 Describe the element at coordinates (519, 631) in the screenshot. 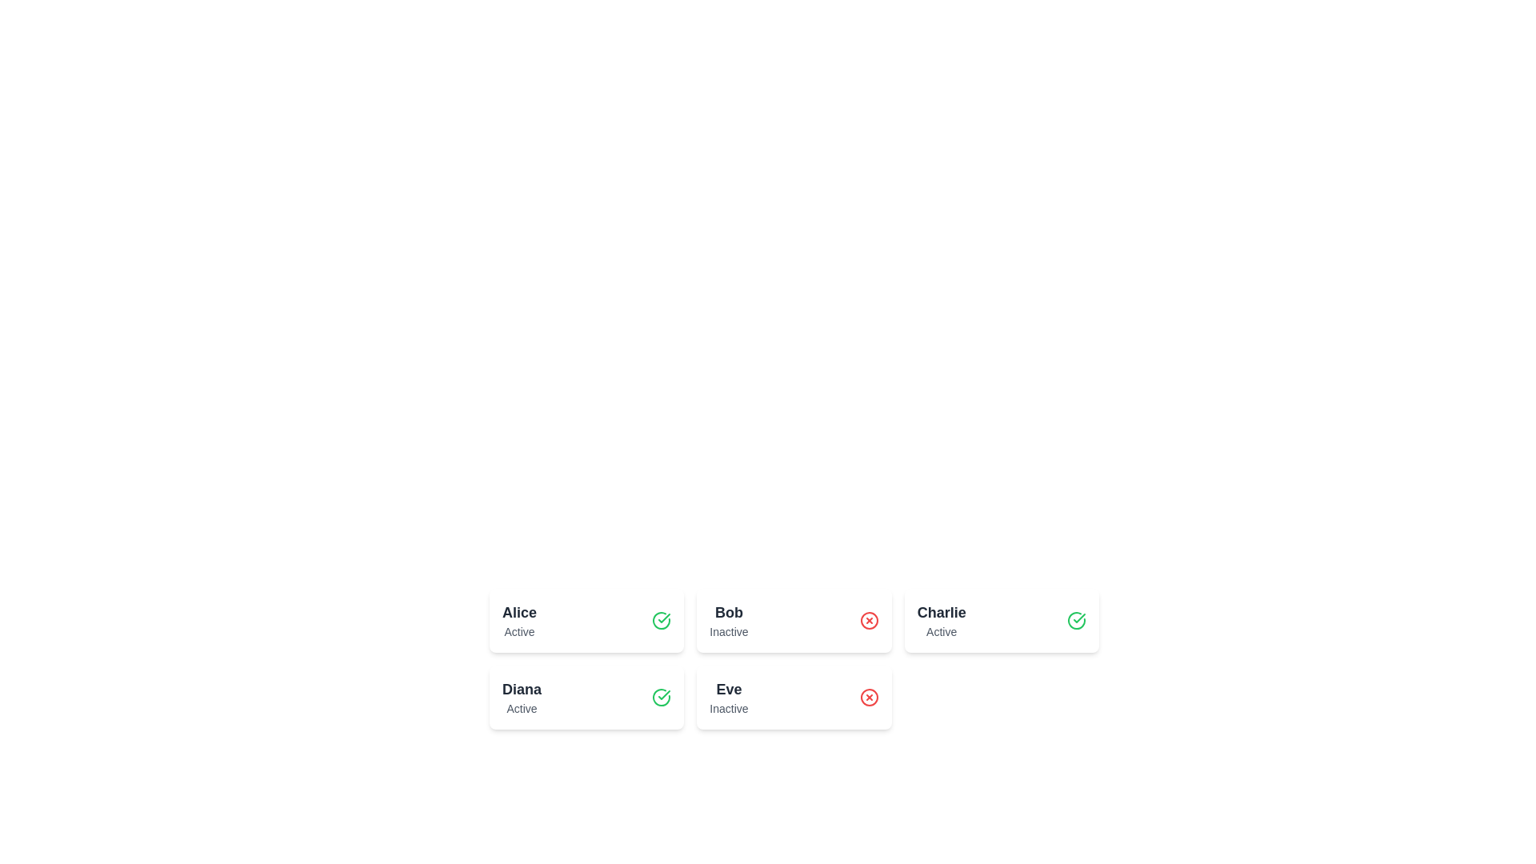

I see `the 'Active' label, which is a small gray text label located below the name 'Alice' within the user information card in the top-left corner of the grid layout` at that location.